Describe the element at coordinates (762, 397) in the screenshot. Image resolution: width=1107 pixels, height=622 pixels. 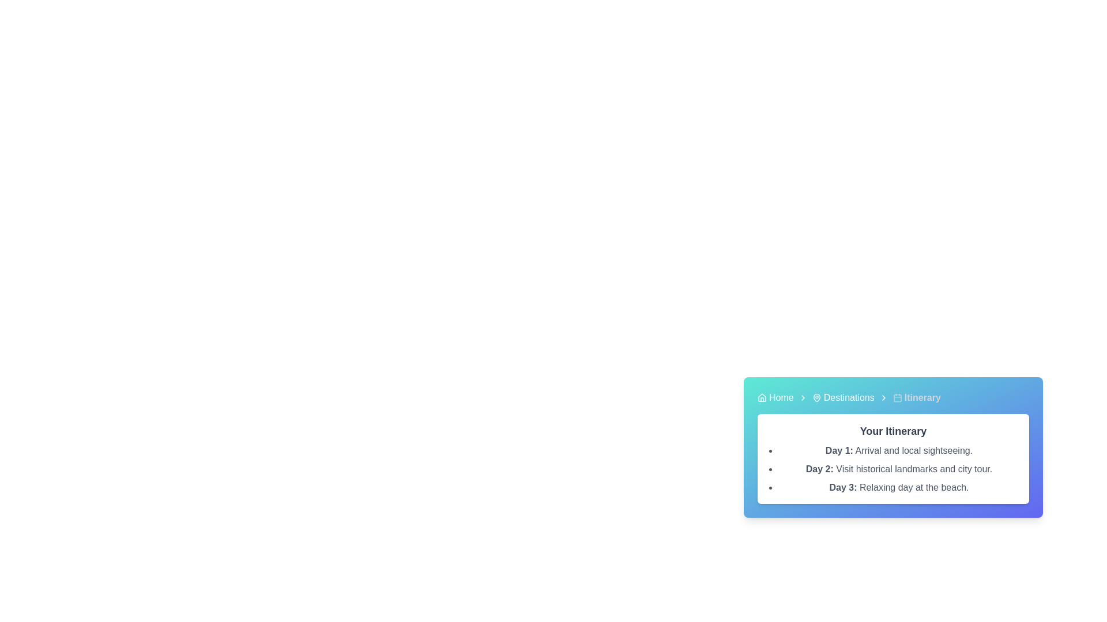
I see `the minimalistic outlined house icon in the breadcrumb navigation at the top-left corner of the itinerary card interface` at that location.